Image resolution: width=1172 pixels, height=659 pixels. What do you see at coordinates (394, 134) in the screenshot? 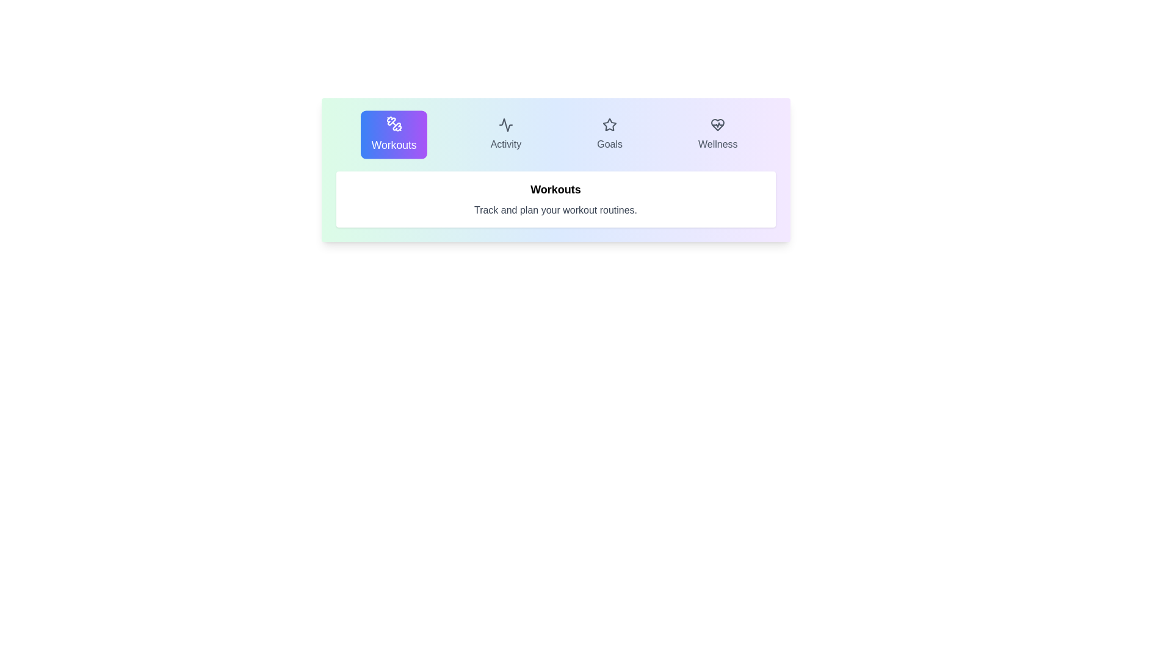
I see `the 'Workouts' button, which is a rectangular button with a gradient background and white text displaying 'Workouts' beneath a dumbbell icon, located at the top left of the layout` at bounding box center [394, 134].